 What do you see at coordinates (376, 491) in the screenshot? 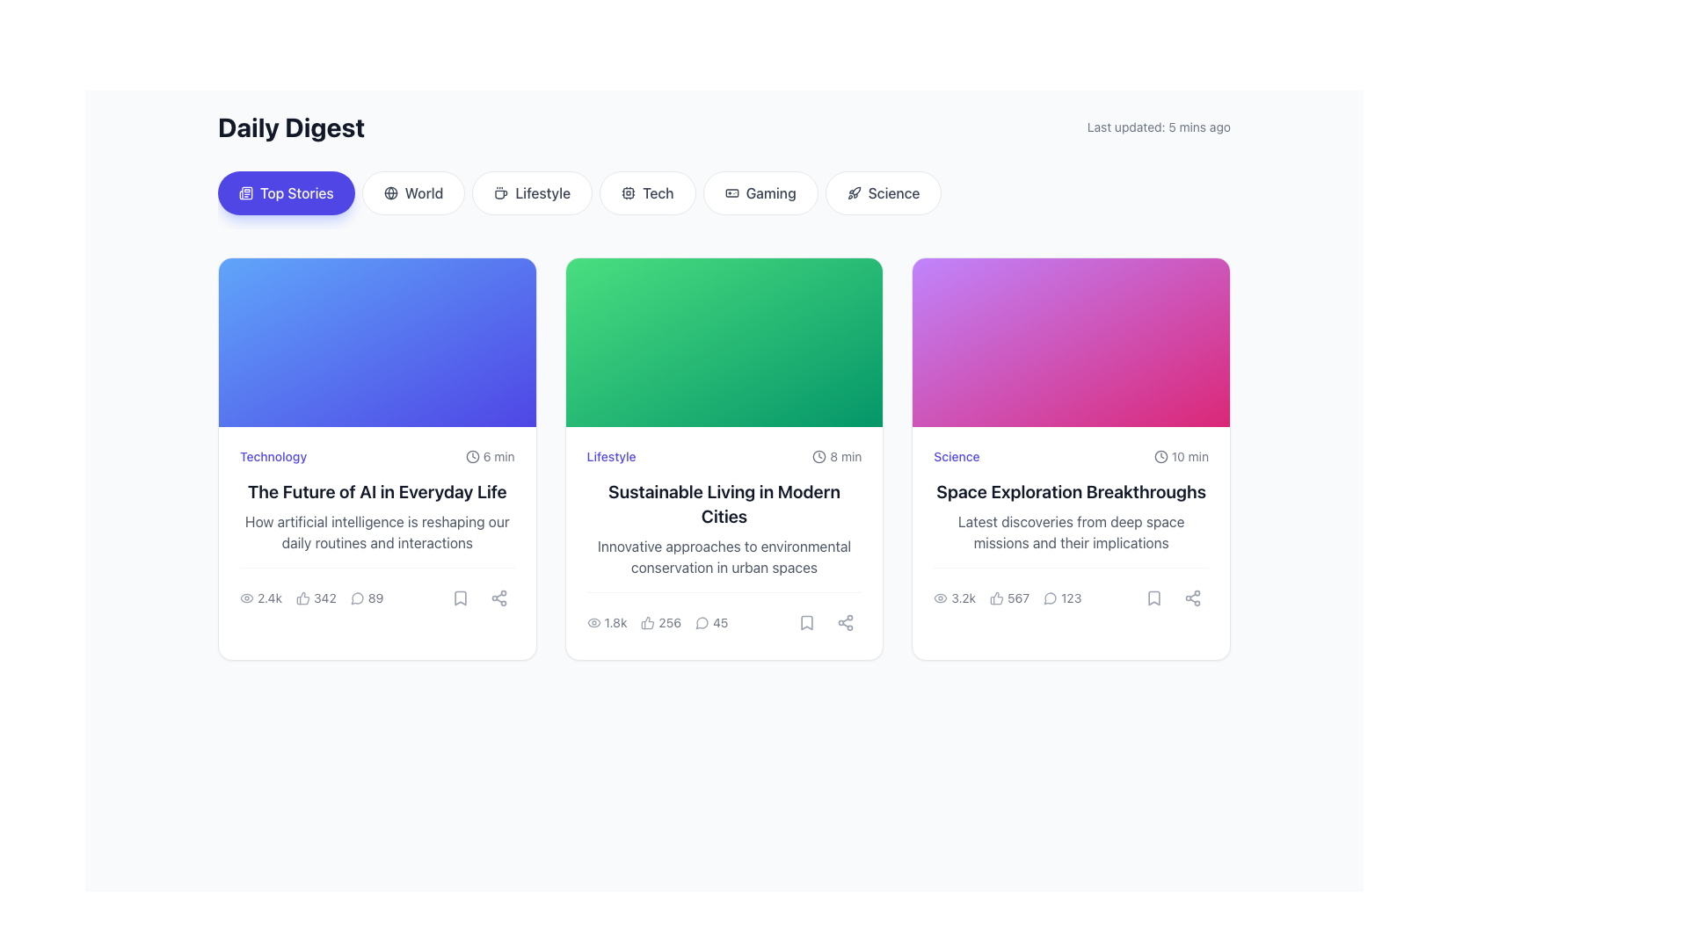
I see `the heading text element located in the 'Daily Digest' section of the first card under the 'Technology' tag` at bounding box center [376, 491].